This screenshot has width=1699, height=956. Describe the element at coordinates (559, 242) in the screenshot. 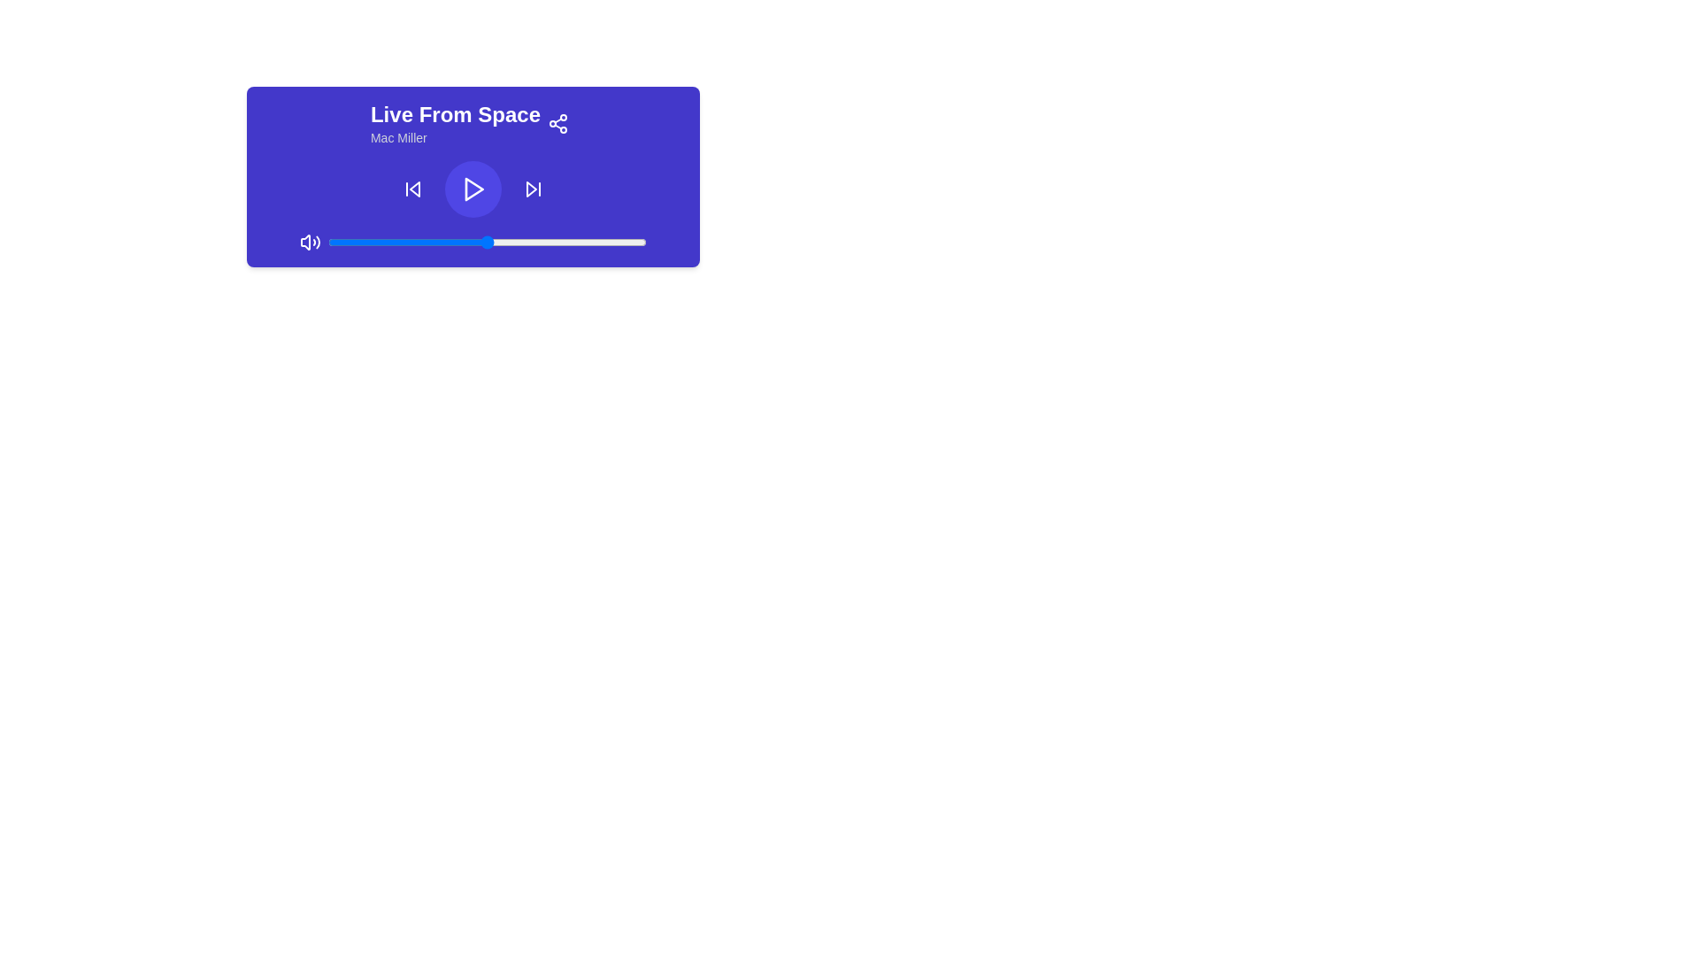

I see `the slider value` at that location.